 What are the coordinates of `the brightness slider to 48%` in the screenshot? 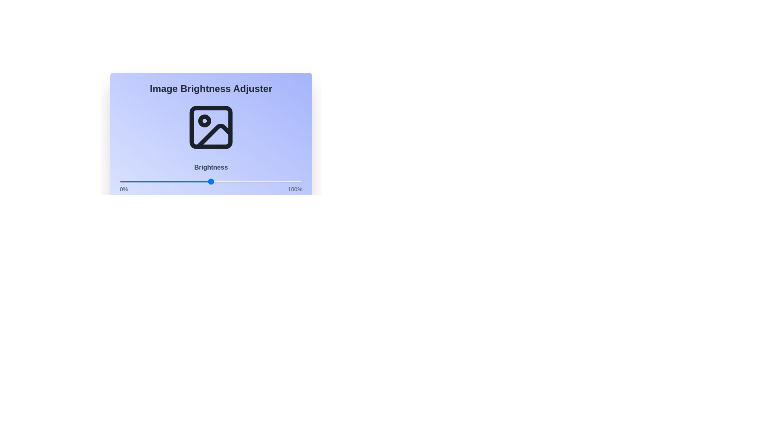 It's located at (207, 181).